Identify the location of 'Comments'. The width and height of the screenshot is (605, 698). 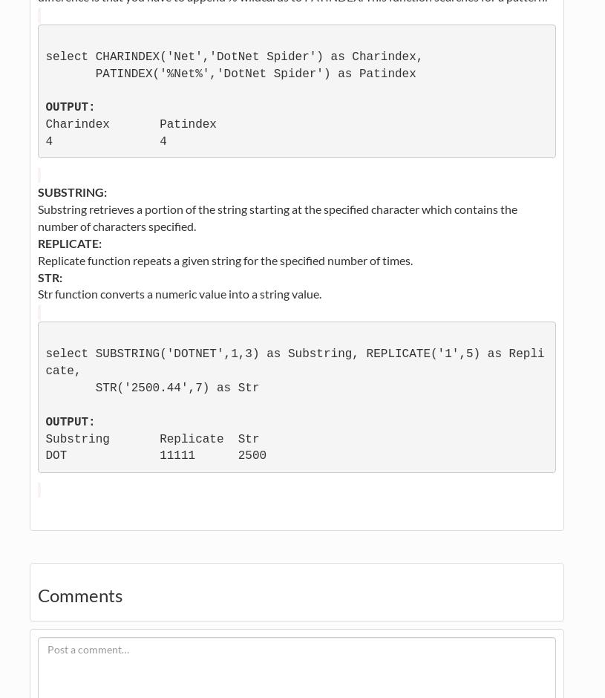
(37, 595).